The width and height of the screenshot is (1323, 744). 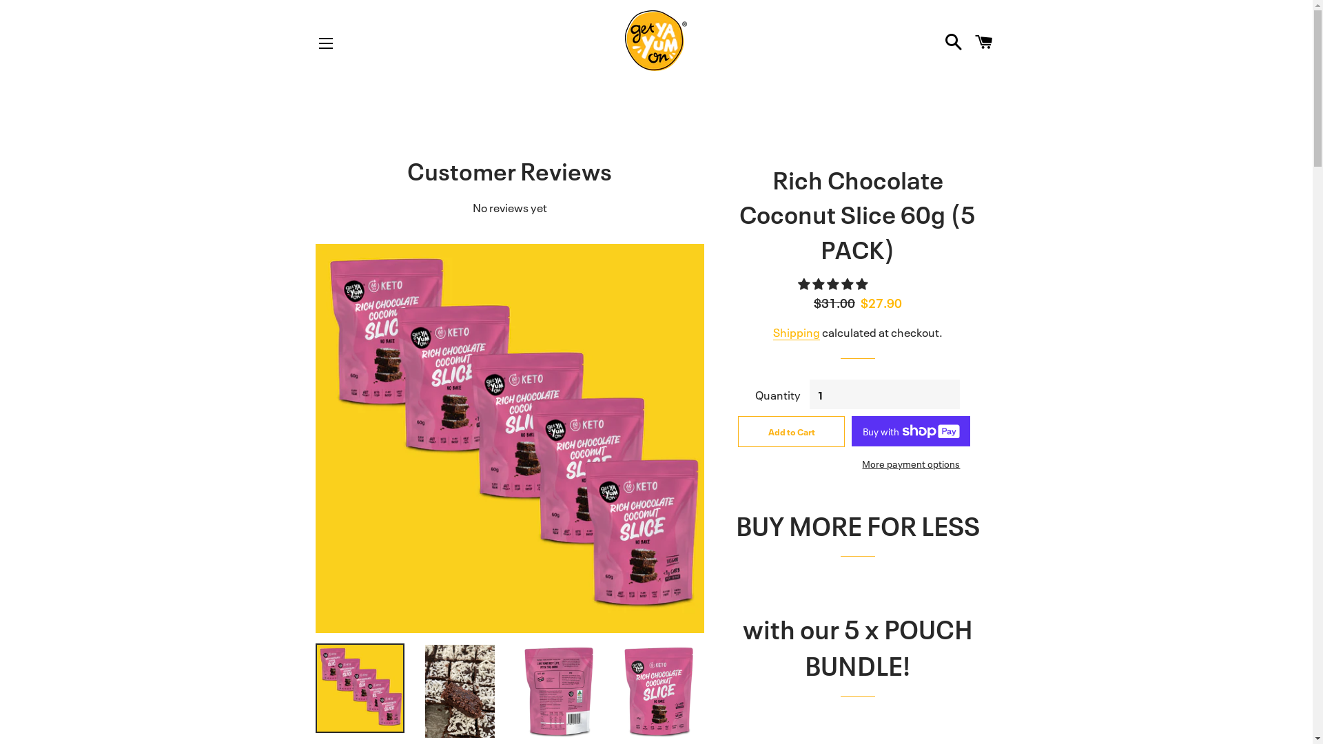 What do you see at coordinates (851, 463) in the screenshot?
I see `'More payment options'` at bounding box center [851, 463].